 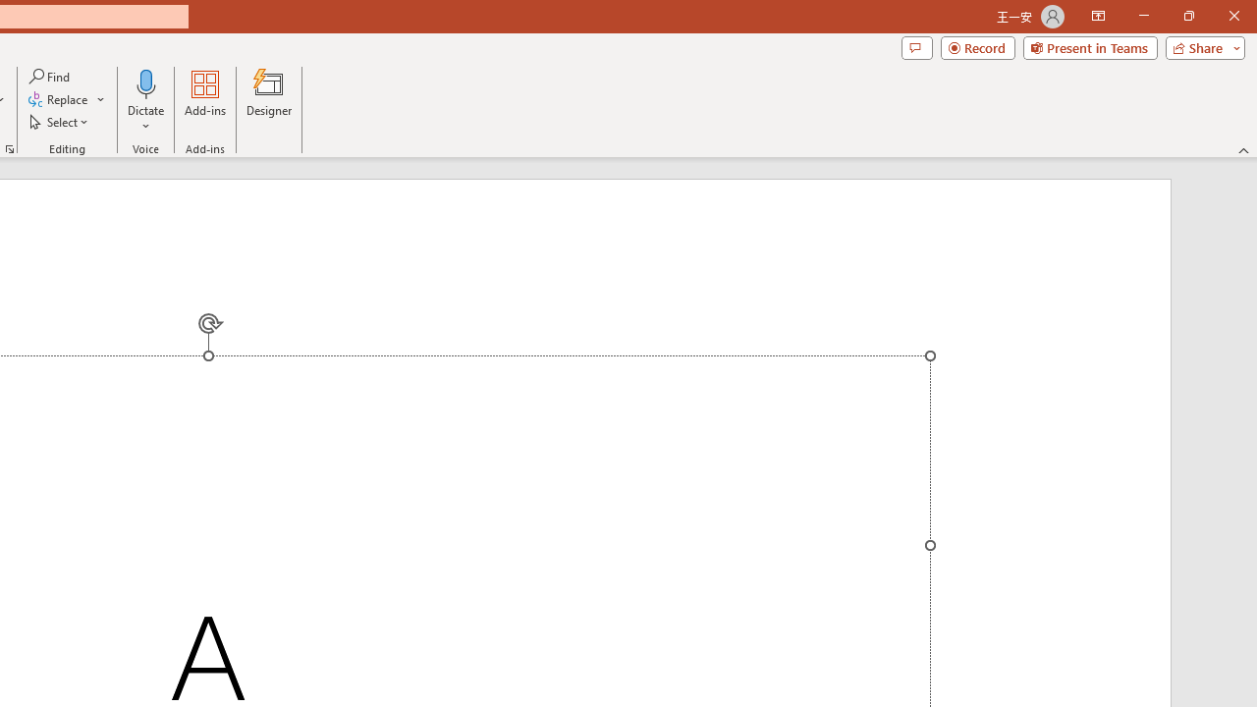 I want to click on 'Dictate', so click(x=145, y=82).